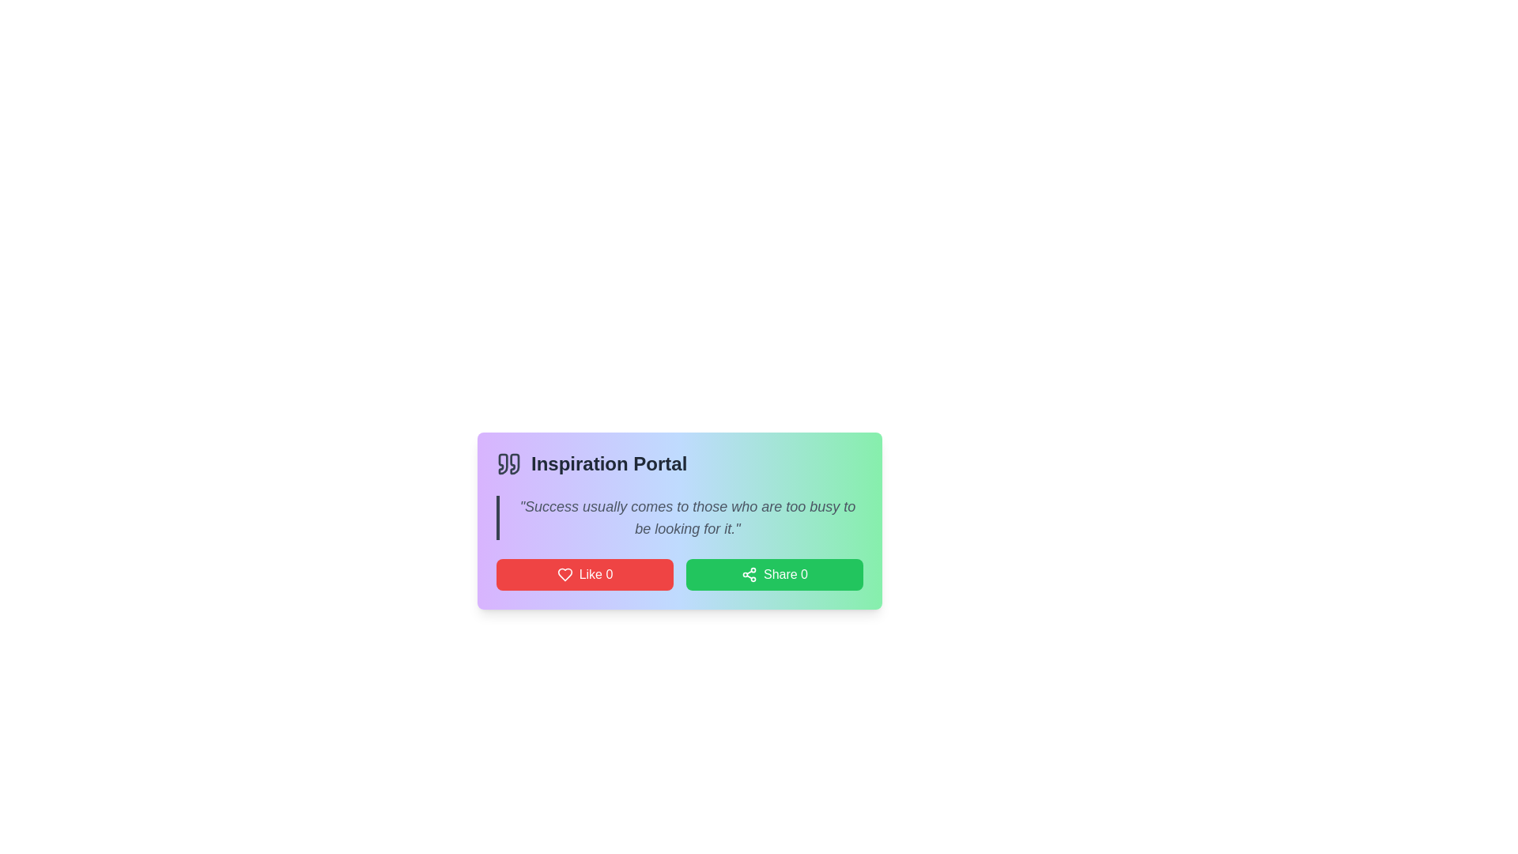 The image size is (1518, 854). What do you see at coordinates (565, 574) in the screenshot?
I see `the red heart icon located inside the 'Like 0' button at the bottom-left corner of the panel to like the content` at bounding box center [565, 574].